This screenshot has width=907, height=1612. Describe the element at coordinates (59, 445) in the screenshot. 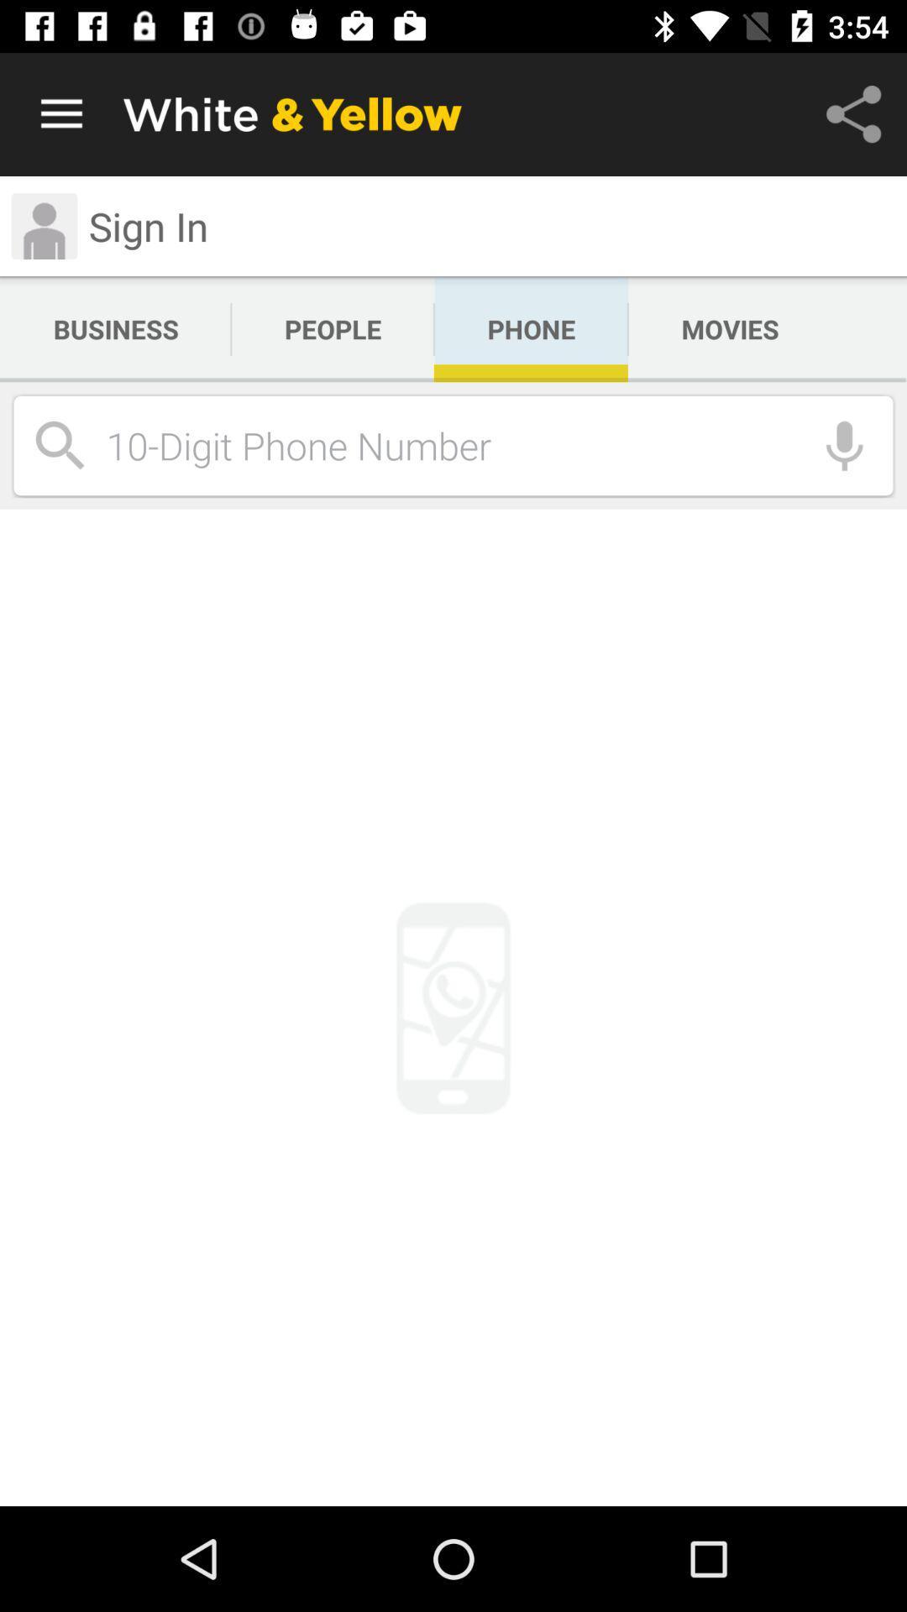

I see `the search icon` at that location.